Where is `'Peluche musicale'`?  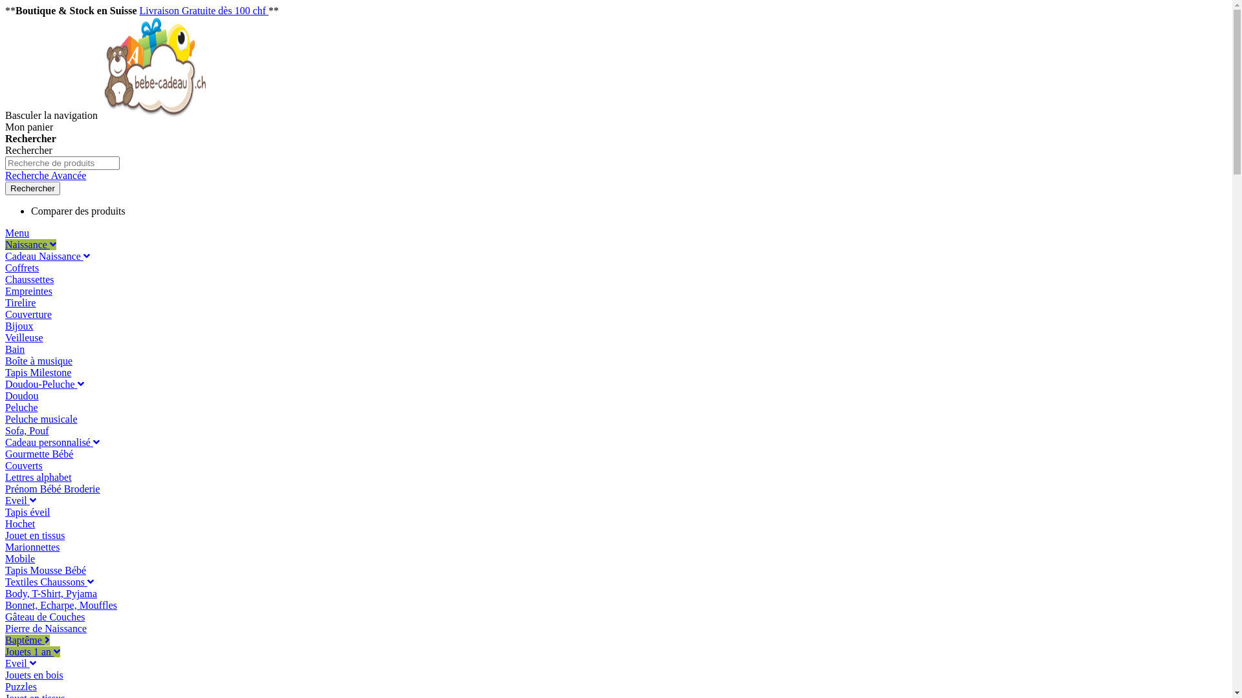
'Peluche musicale' is located at coordinates (41, 419).